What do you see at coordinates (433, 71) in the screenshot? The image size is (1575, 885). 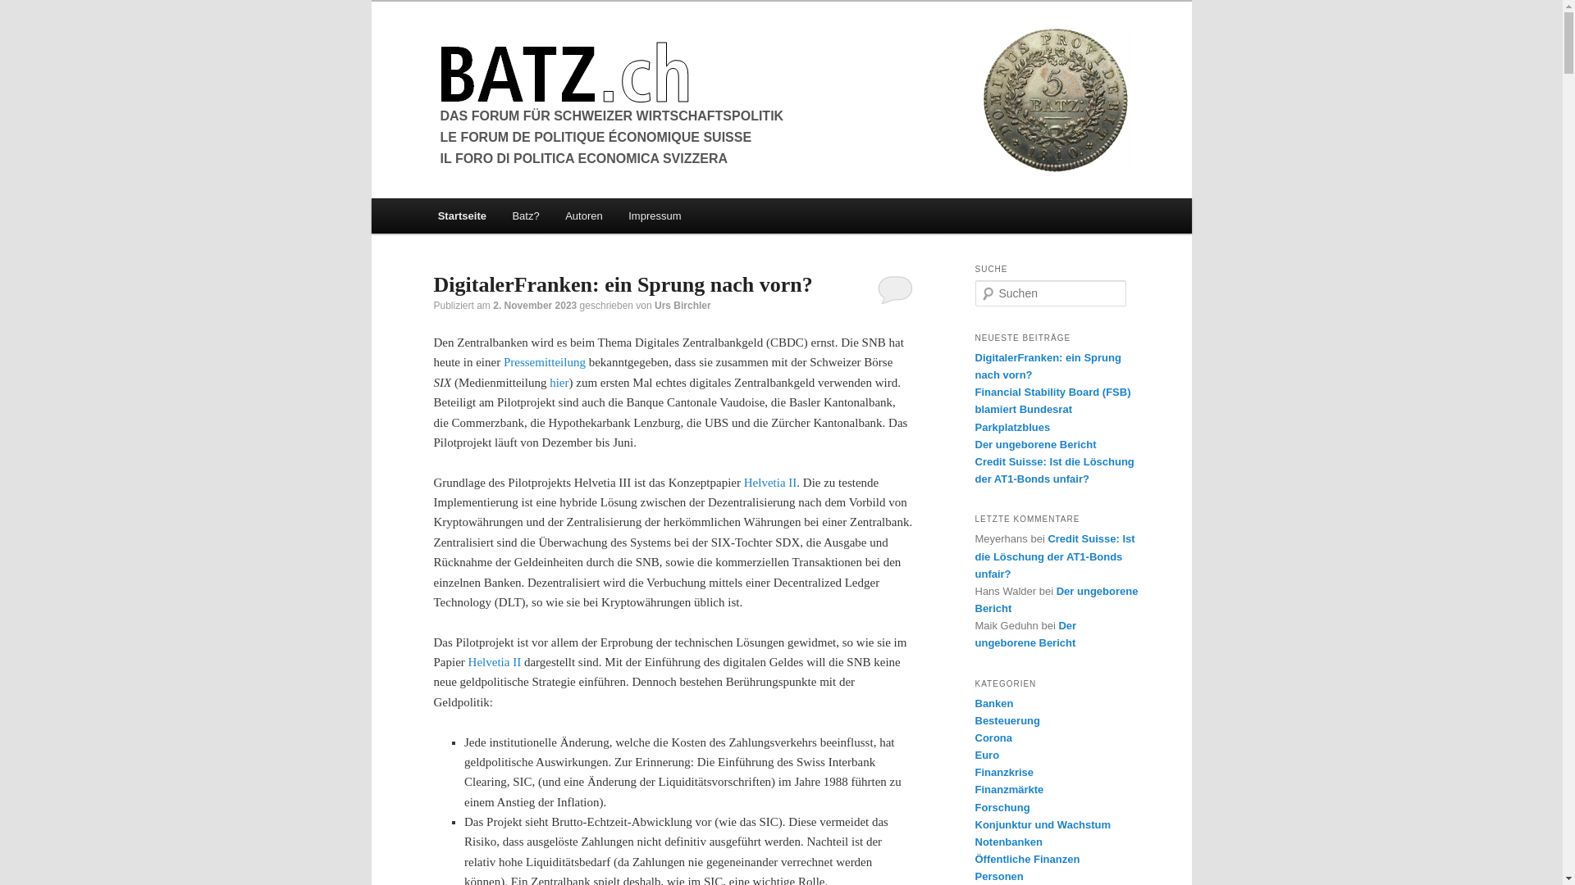 I see `'Batz'` at bounding box center [433, 71].